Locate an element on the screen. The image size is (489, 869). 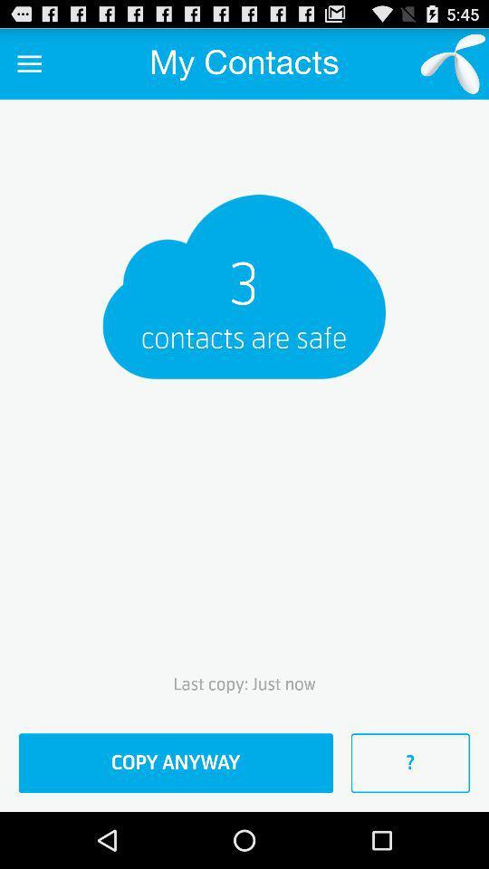
the  ?  icon is located at coordinates (410, 762).